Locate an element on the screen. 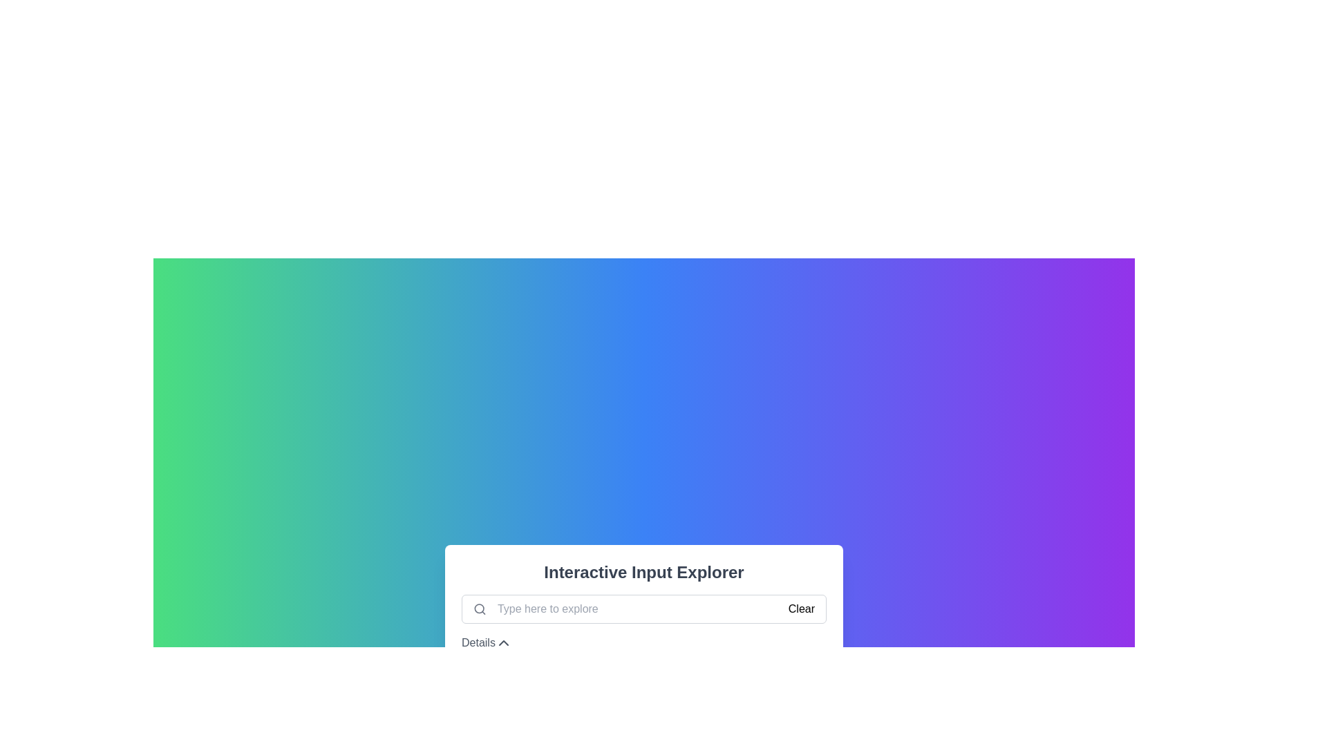  the Interactive Text with Icon located in the bottom-left section of the 'Interactive Input Explorer' component to interact with it is located at coordinates (487, 642).